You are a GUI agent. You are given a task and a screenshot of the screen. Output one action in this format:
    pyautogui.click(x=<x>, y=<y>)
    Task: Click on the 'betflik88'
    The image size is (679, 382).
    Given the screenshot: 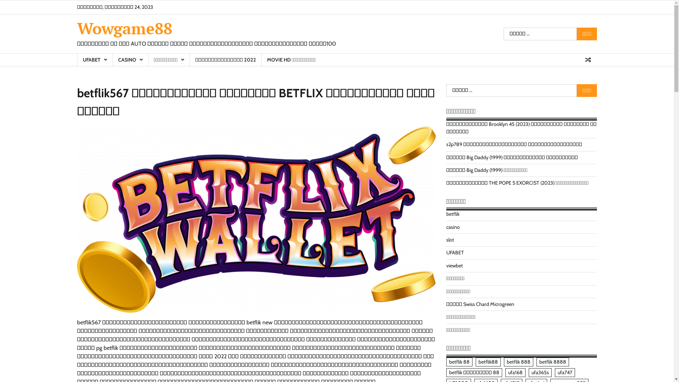 What is the action you would take?
    pyautogui.click(x=487, y=362)
    